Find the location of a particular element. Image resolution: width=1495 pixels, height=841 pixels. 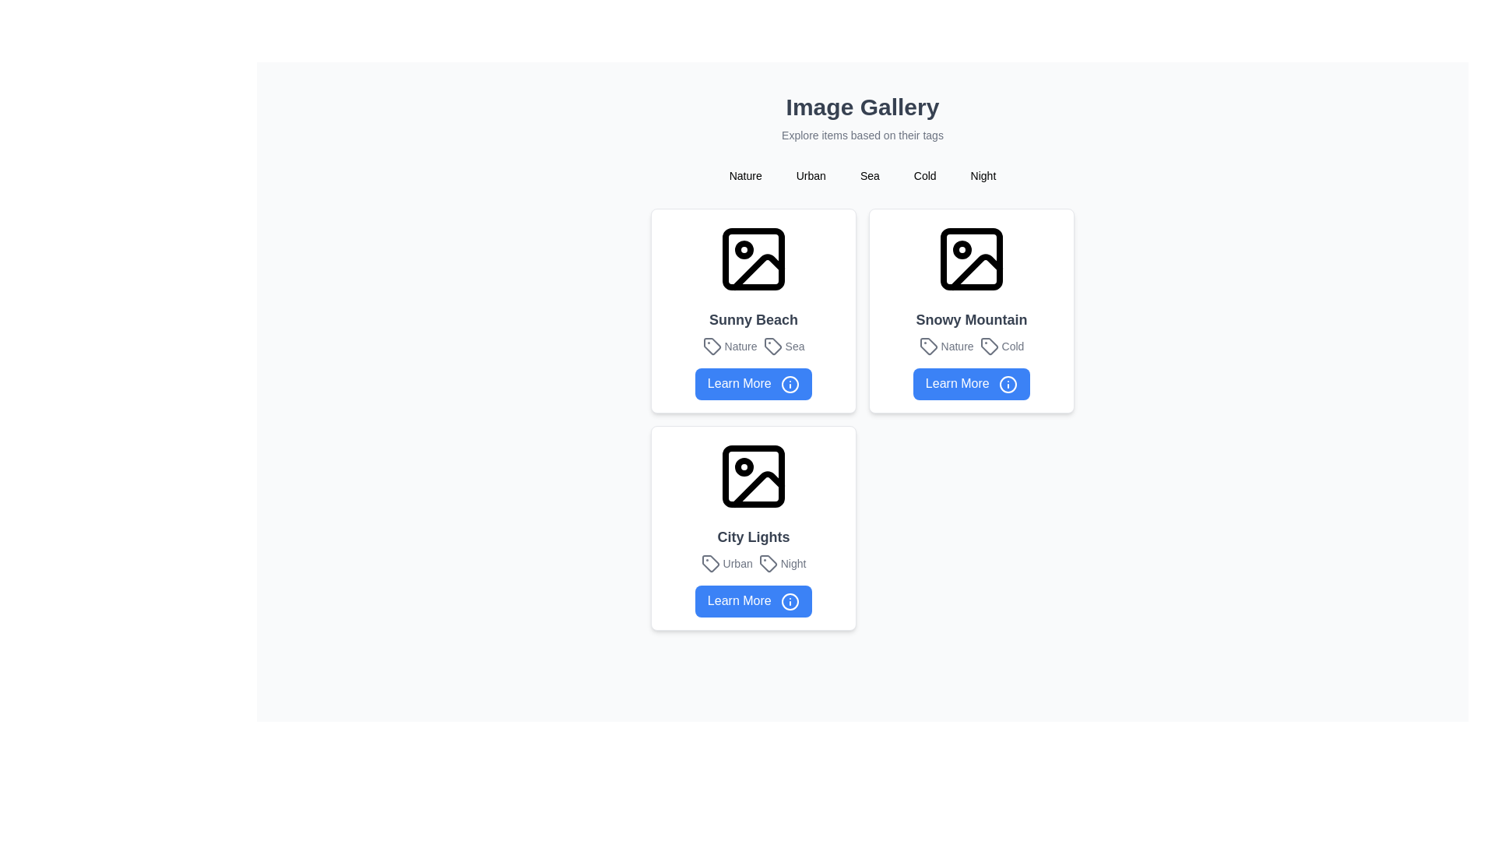

the 'Sea' tag icon located within the 'Sunny Beach' card, positioned to the right of the 'Nature' tag label is located at coordinates (772, 345).